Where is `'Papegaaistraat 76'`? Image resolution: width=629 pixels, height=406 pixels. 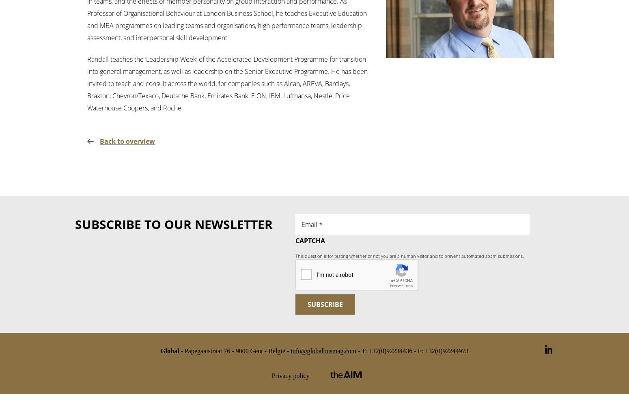 'Papegaaistraat 76' is located at coordinates (207, 350).